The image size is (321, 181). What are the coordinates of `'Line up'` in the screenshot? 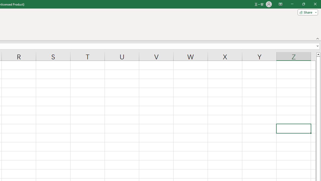 It's located at (318, 54).